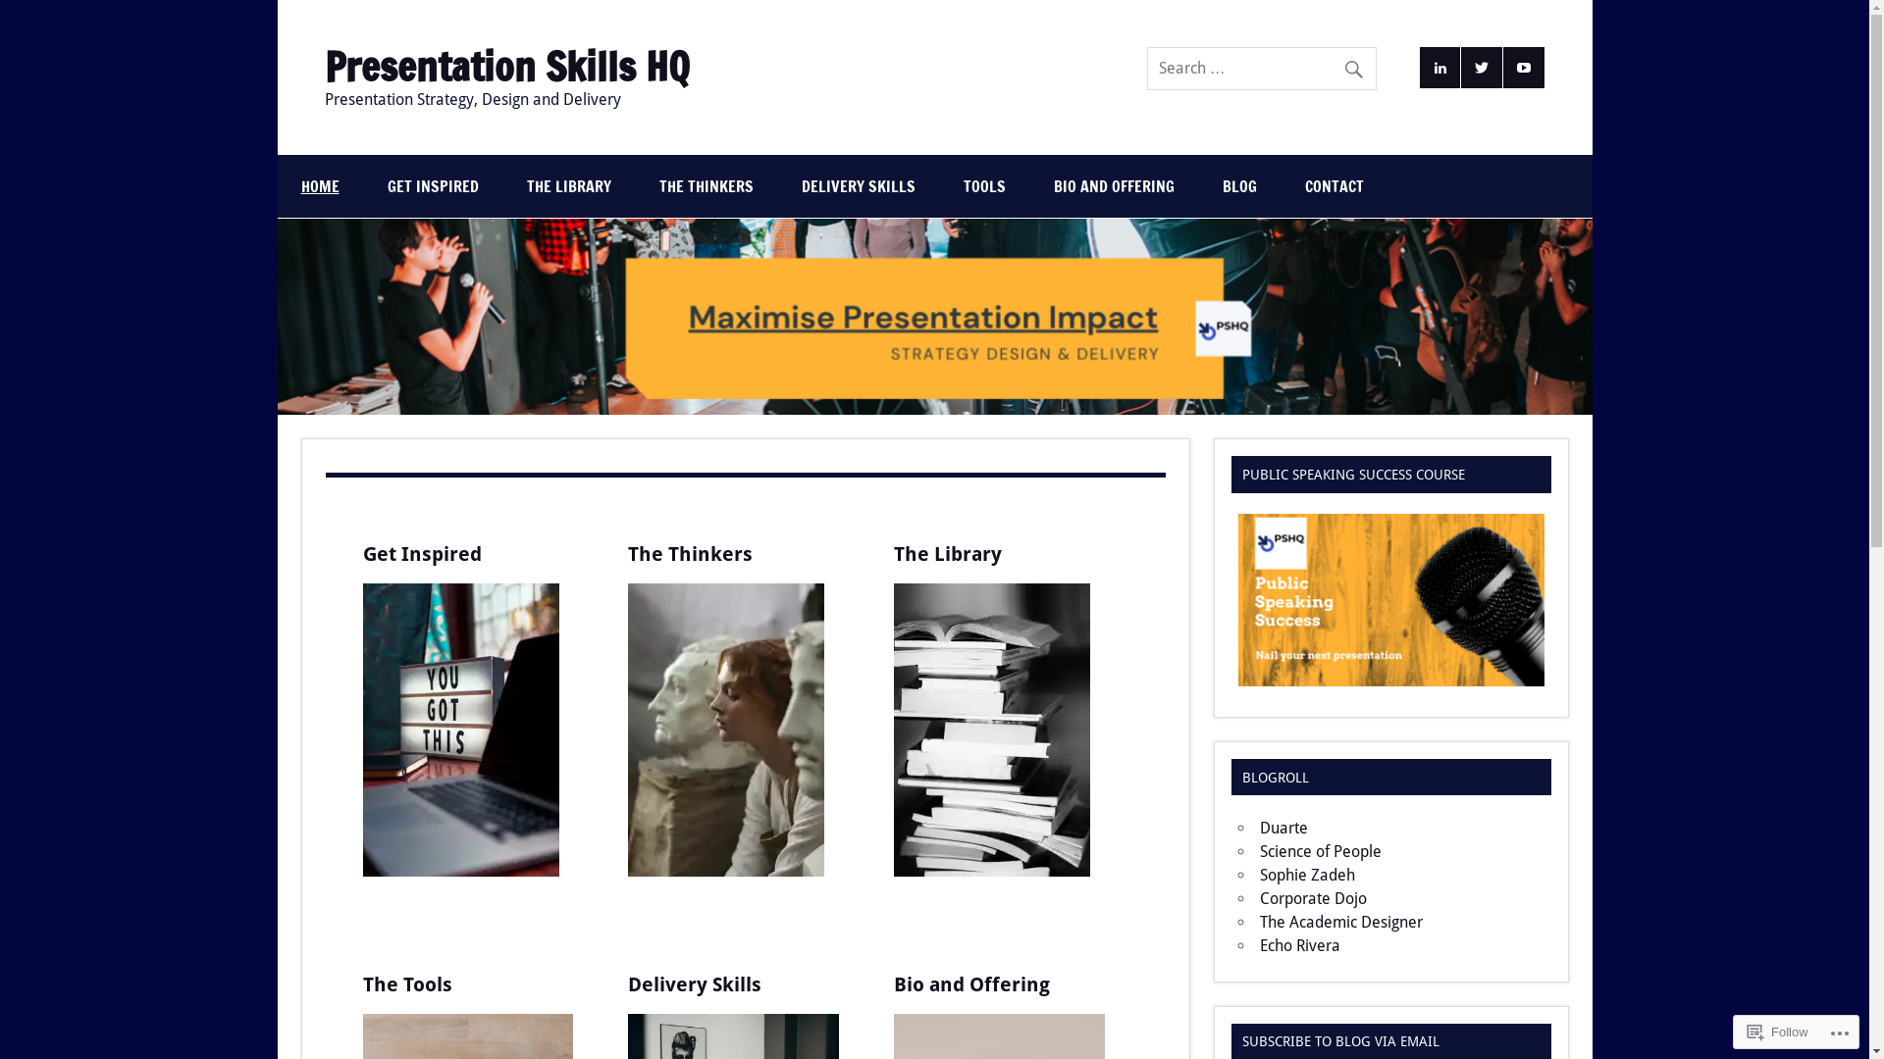 This screenshot has width=1884, height=1059. What do you see at coordinates (406, 983) in the screenshot?
I see `'The Tools'` at bounding box center [406, 983].